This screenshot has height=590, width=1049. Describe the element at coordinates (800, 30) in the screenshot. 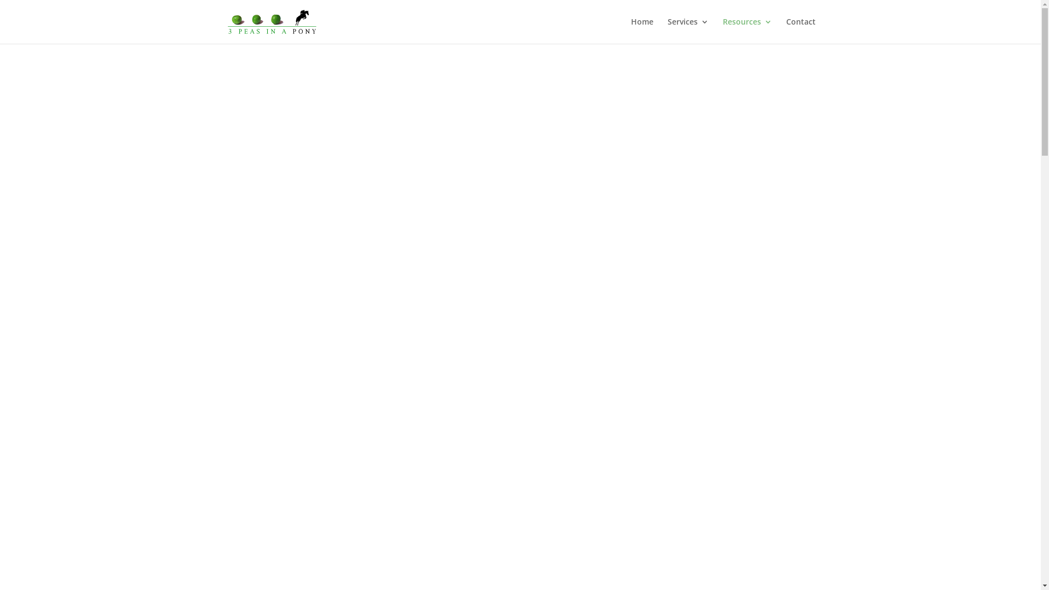

I see `'Contact'` at that location.